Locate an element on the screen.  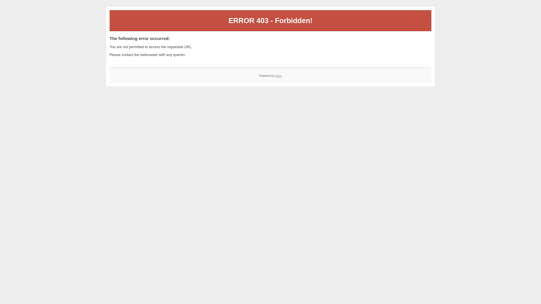
'wdcp' is located at coordinates (278, 75).